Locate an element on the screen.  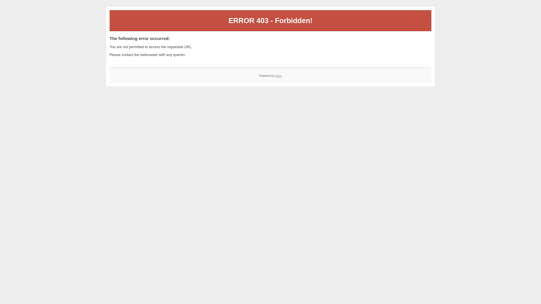
'wdcp' is located at coordinates (278, 75).